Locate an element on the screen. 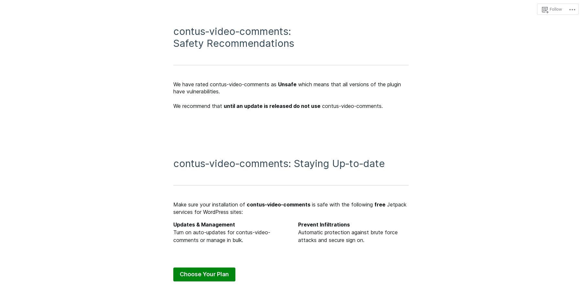  'Follow' is located at coordinates (556, 9).